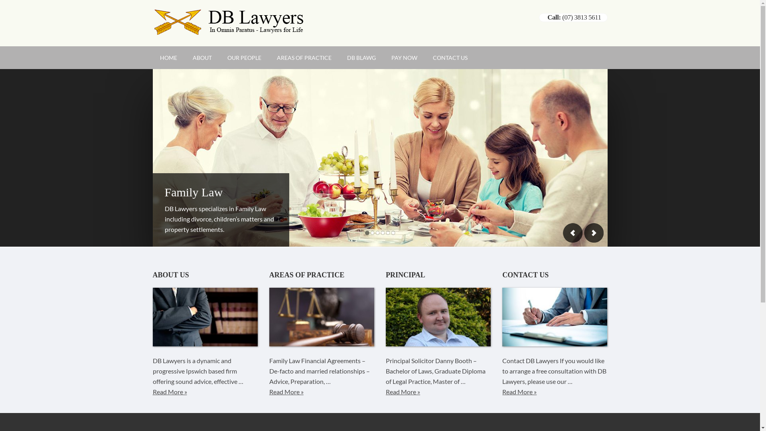  What do you see at coordinates (369, 233) in the screenshot?
I see `'2'` at bounding box center [369, 233].